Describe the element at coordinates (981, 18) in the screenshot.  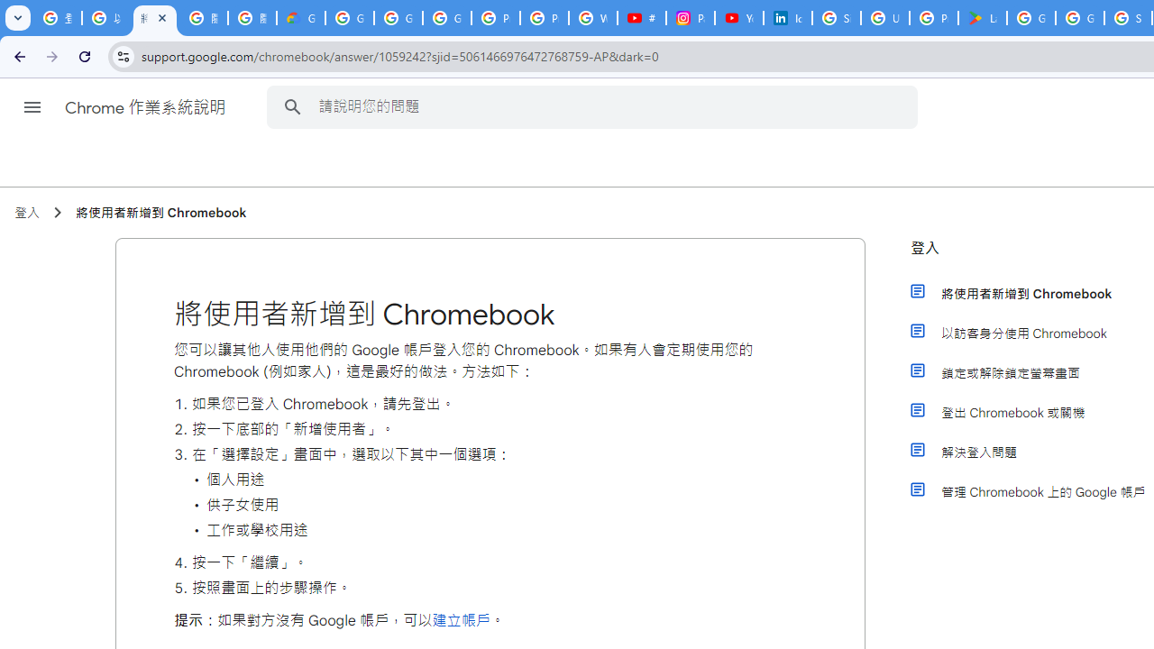
I see `'Last Shelter: Survival - Apps on Google Play'` at that location.